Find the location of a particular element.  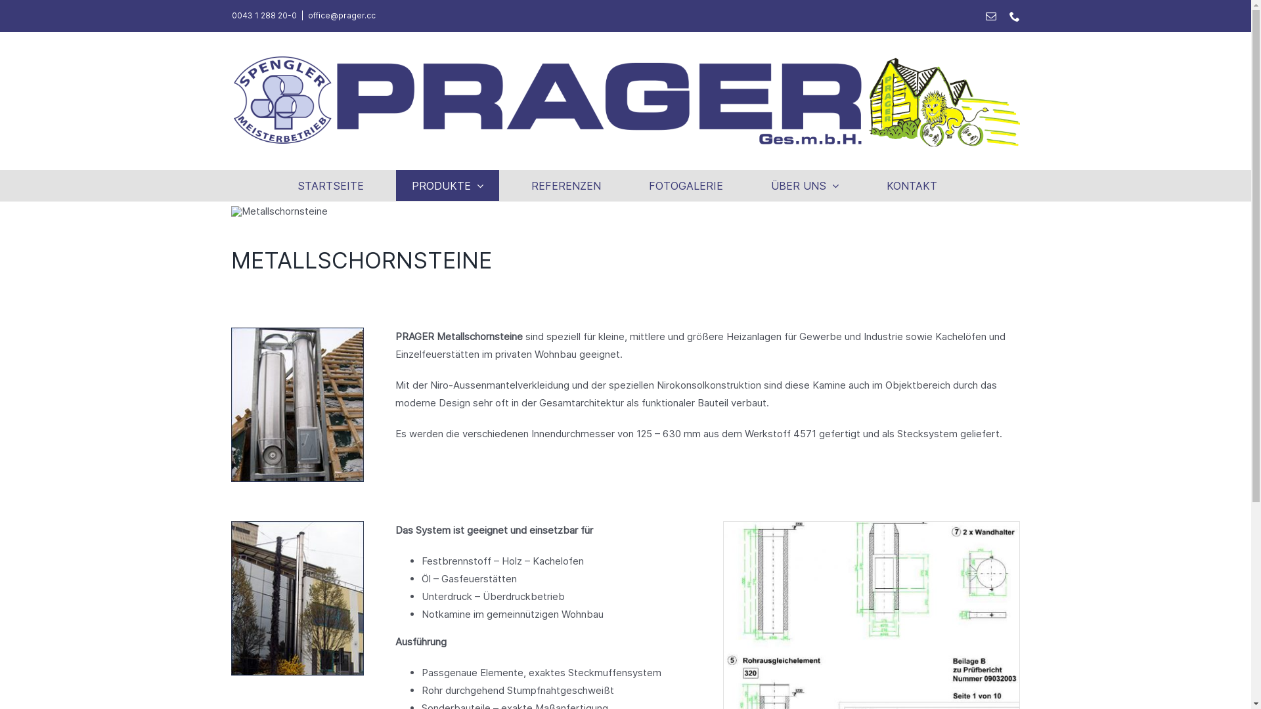

'PRODUKTE' is located at coordinates (447, 185).